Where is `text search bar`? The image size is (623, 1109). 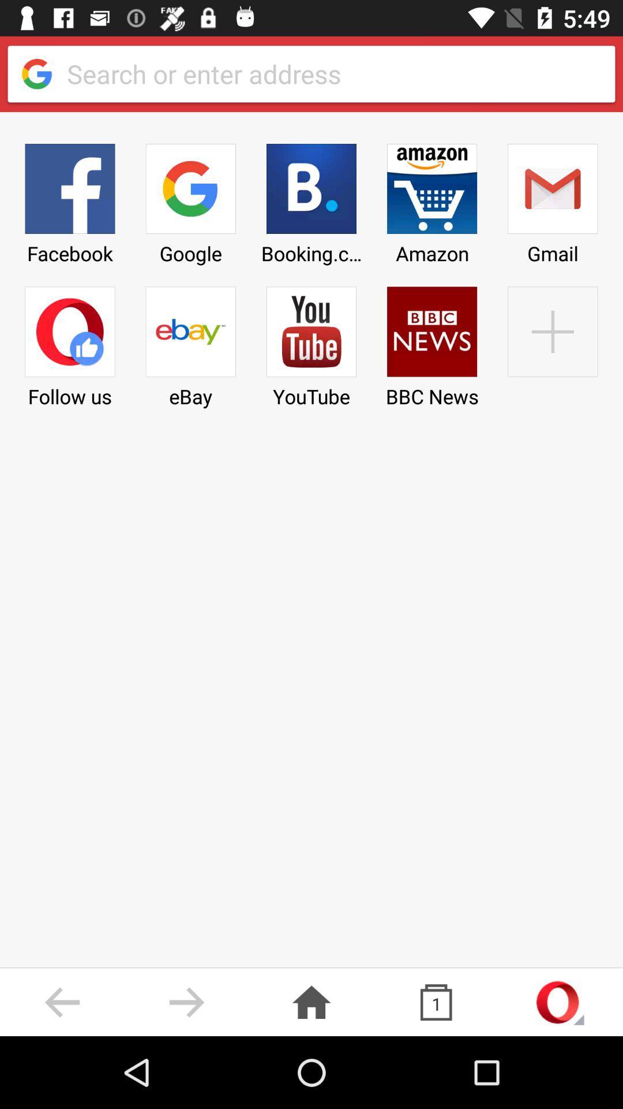
text search bar is located at coordinates (331, 73).